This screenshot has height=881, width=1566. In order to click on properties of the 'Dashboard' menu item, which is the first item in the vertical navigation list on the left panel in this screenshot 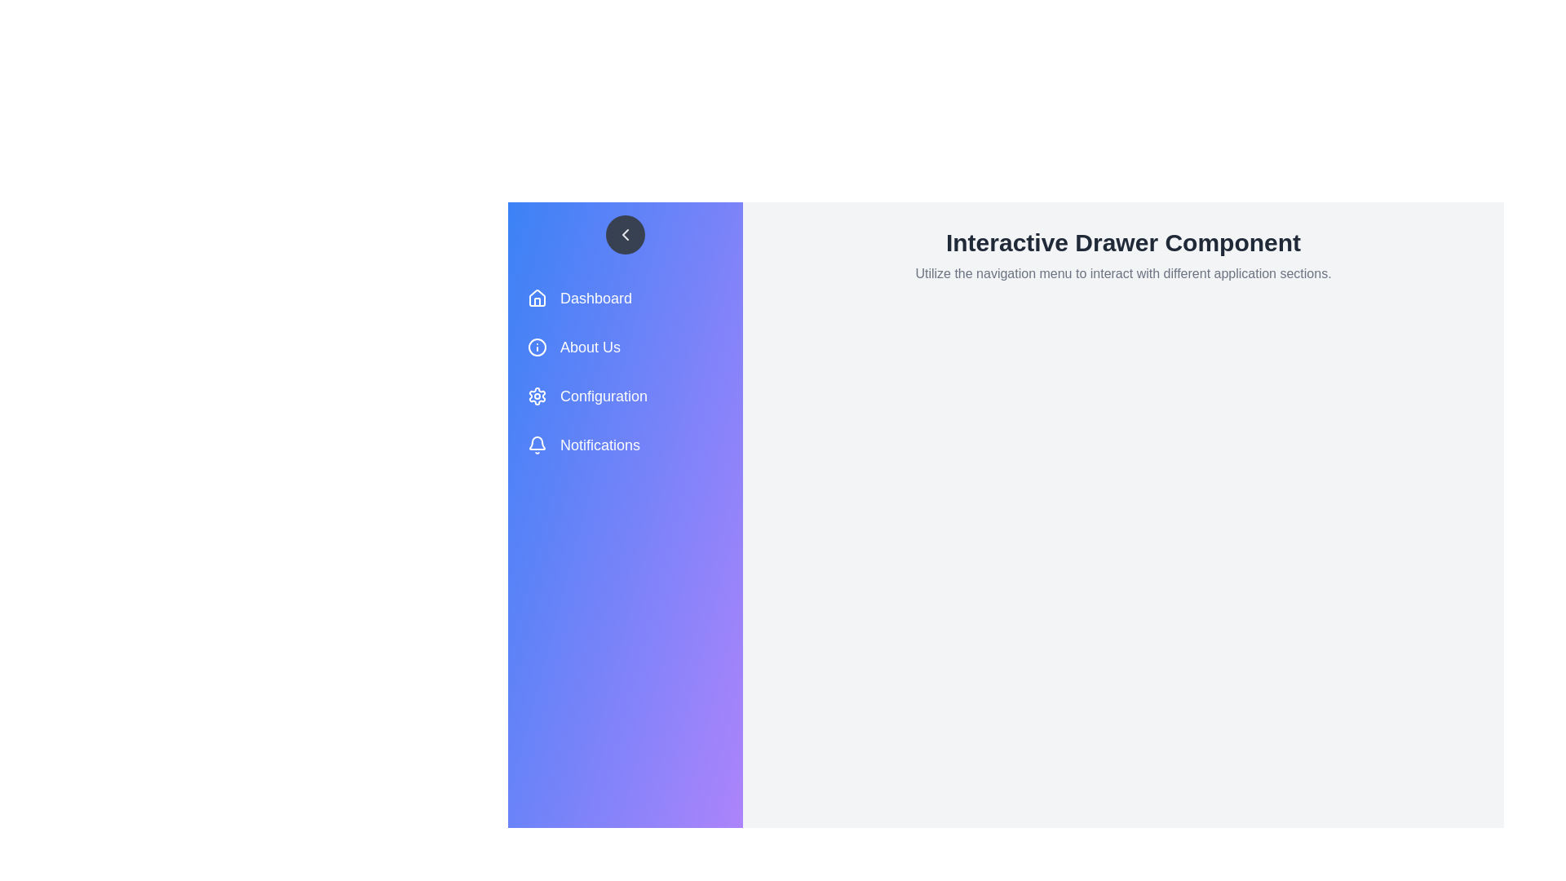, I will do `click(630, 299)`.